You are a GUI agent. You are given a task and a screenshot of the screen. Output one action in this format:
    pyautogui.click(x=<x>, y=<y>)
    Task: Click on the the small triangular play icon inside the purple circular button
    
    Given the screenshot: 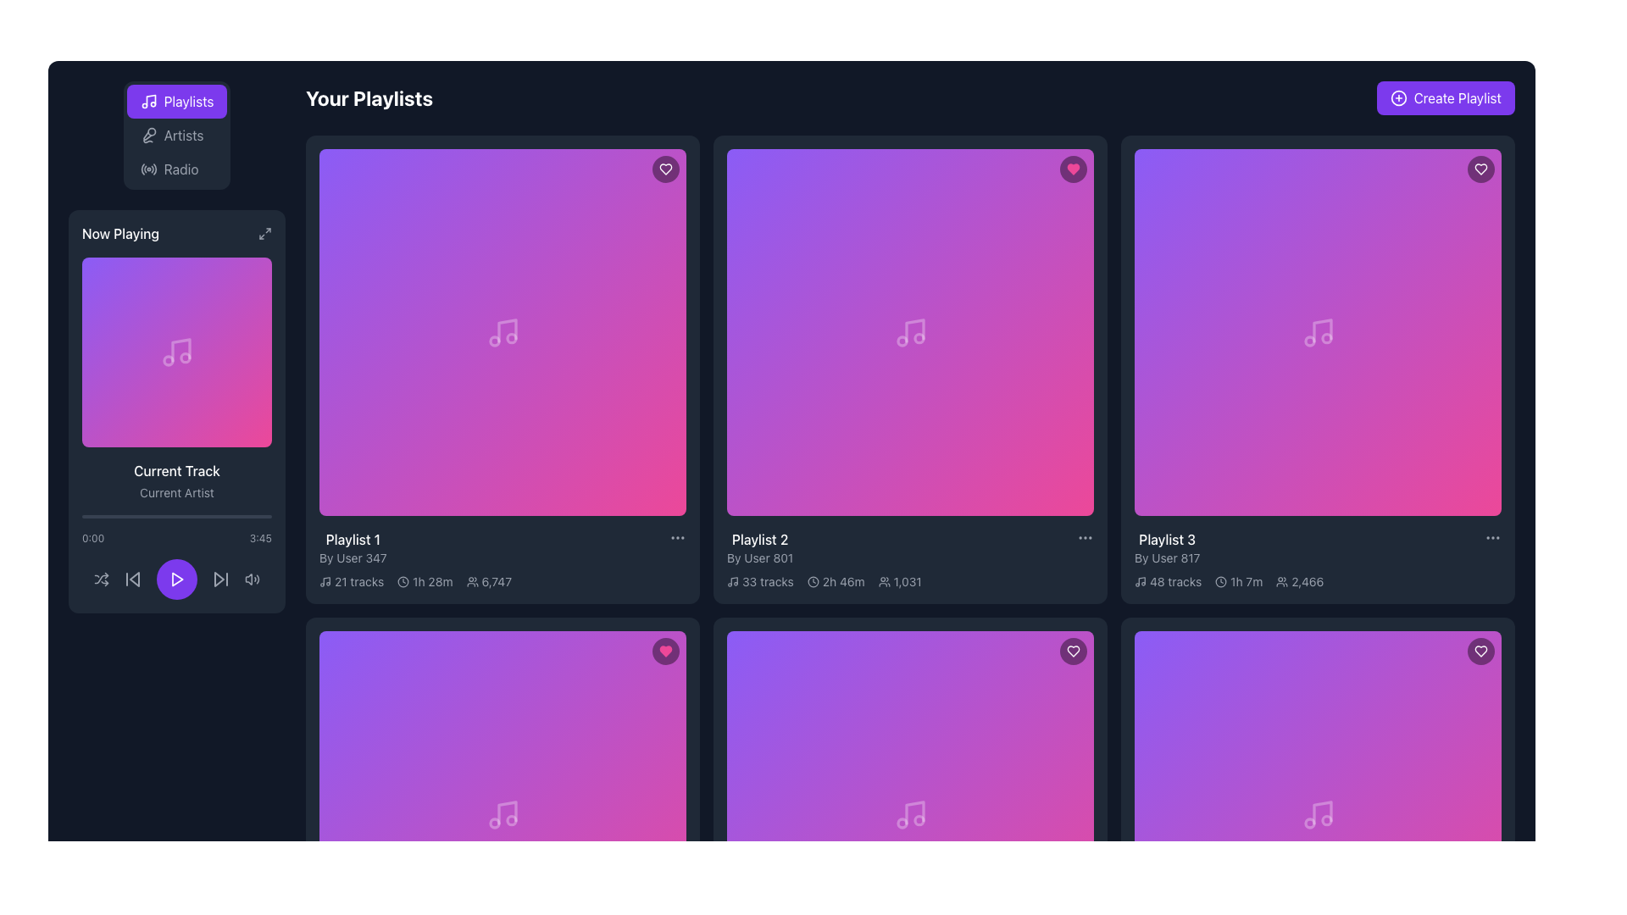 What is the action you would take?
    pyautogui.click(x=177, y=578)
    